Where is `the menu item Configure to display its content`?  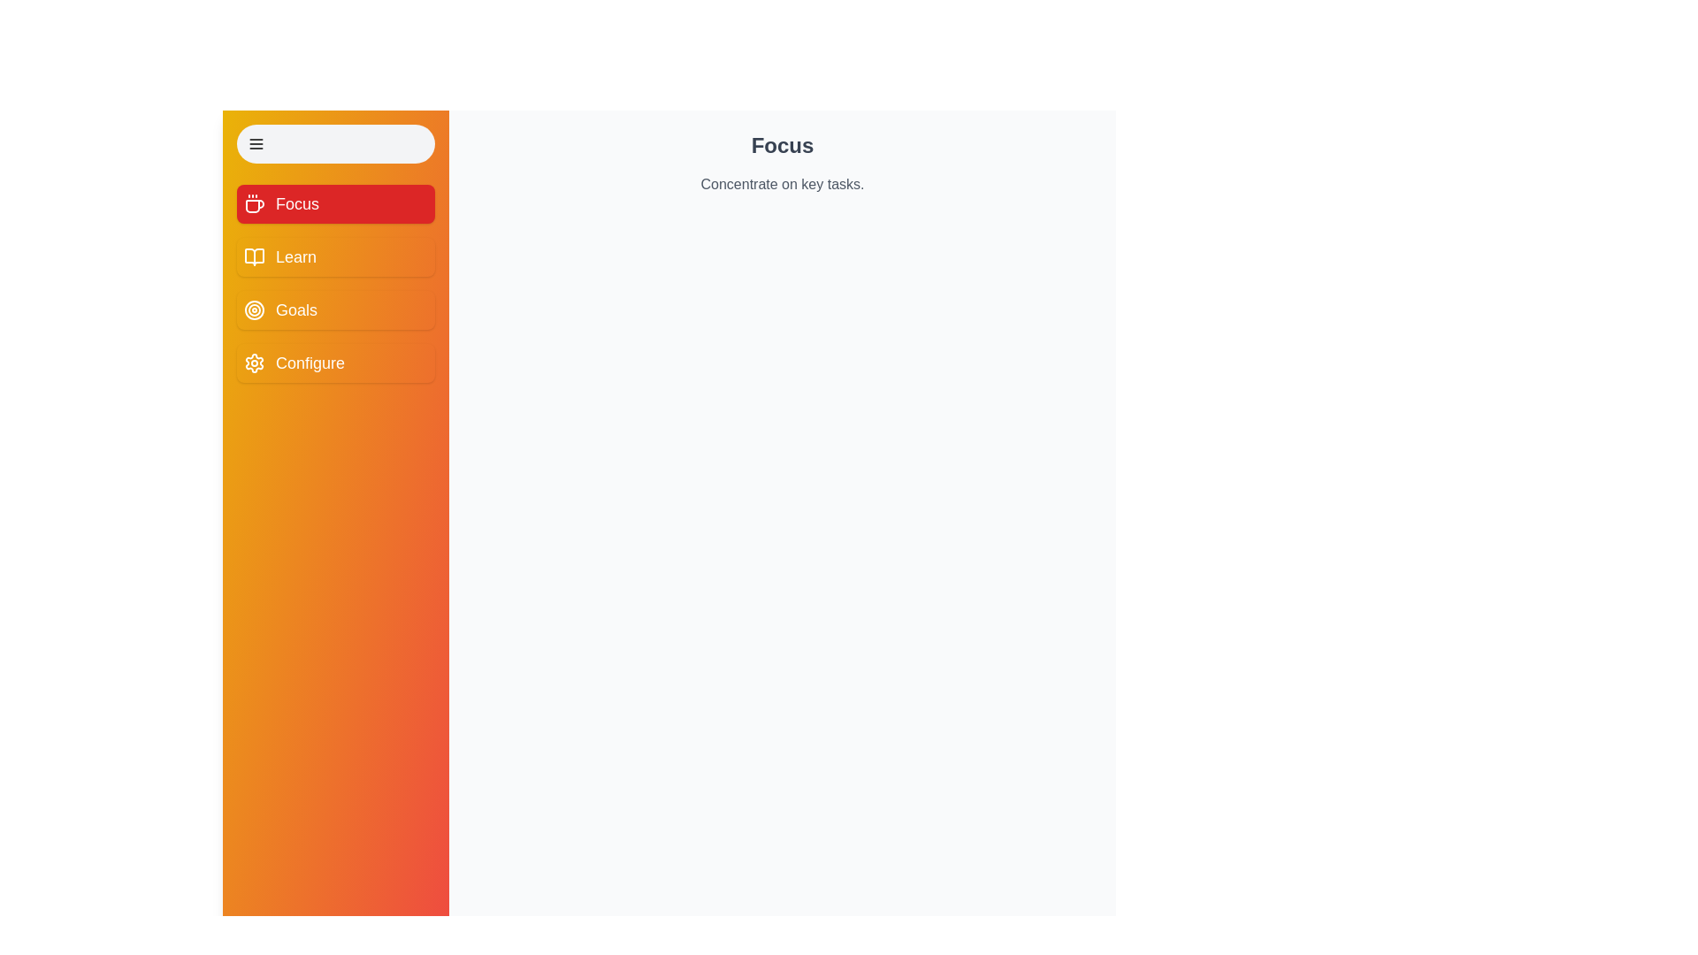
the menu item Configure to display its content is located at coordinates (335, 363).